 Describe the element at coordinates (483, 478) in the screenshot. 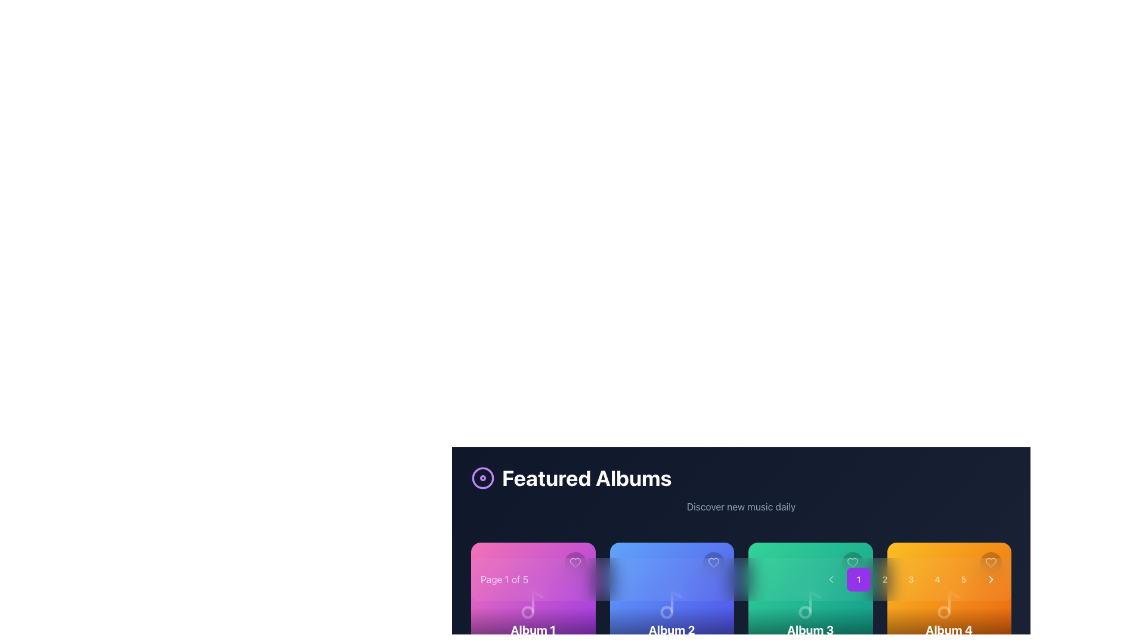

I see `the animation of the decorative icon located to the far left of the 'Featured Albums' title bar, positioned horizontally aligned with the text 'Featured Albums'` at that location.